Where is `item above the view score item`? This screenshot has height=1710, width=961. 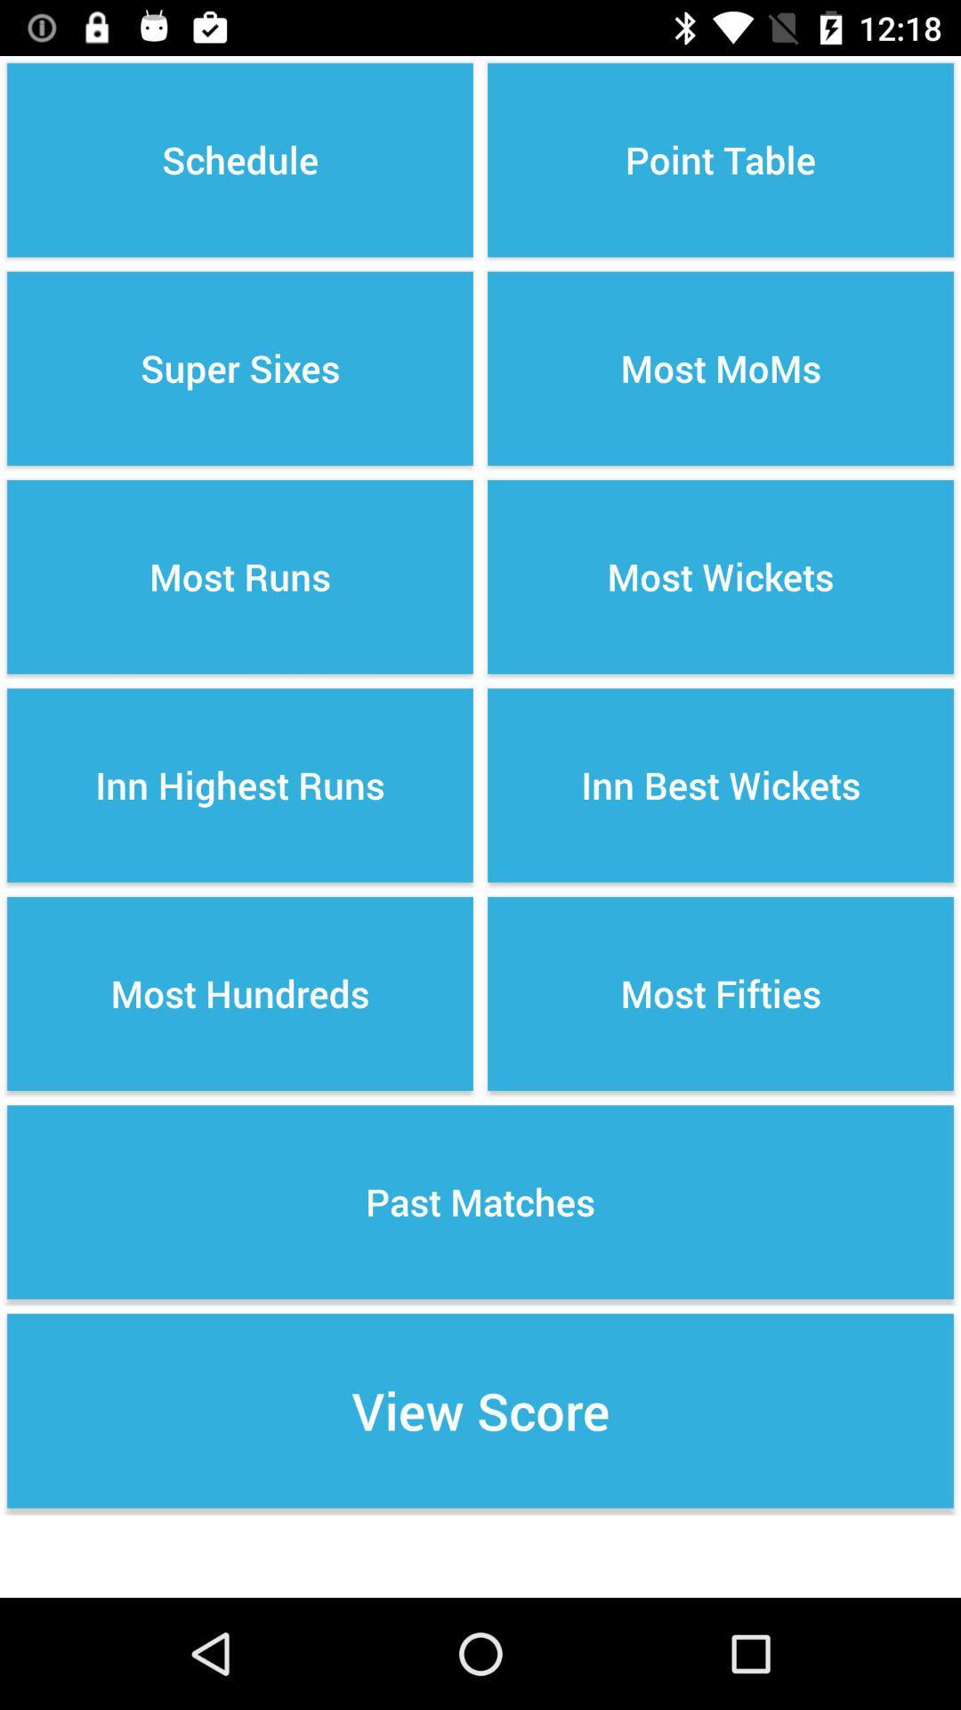
item above the view score item is located at coordinates (480, 1201).